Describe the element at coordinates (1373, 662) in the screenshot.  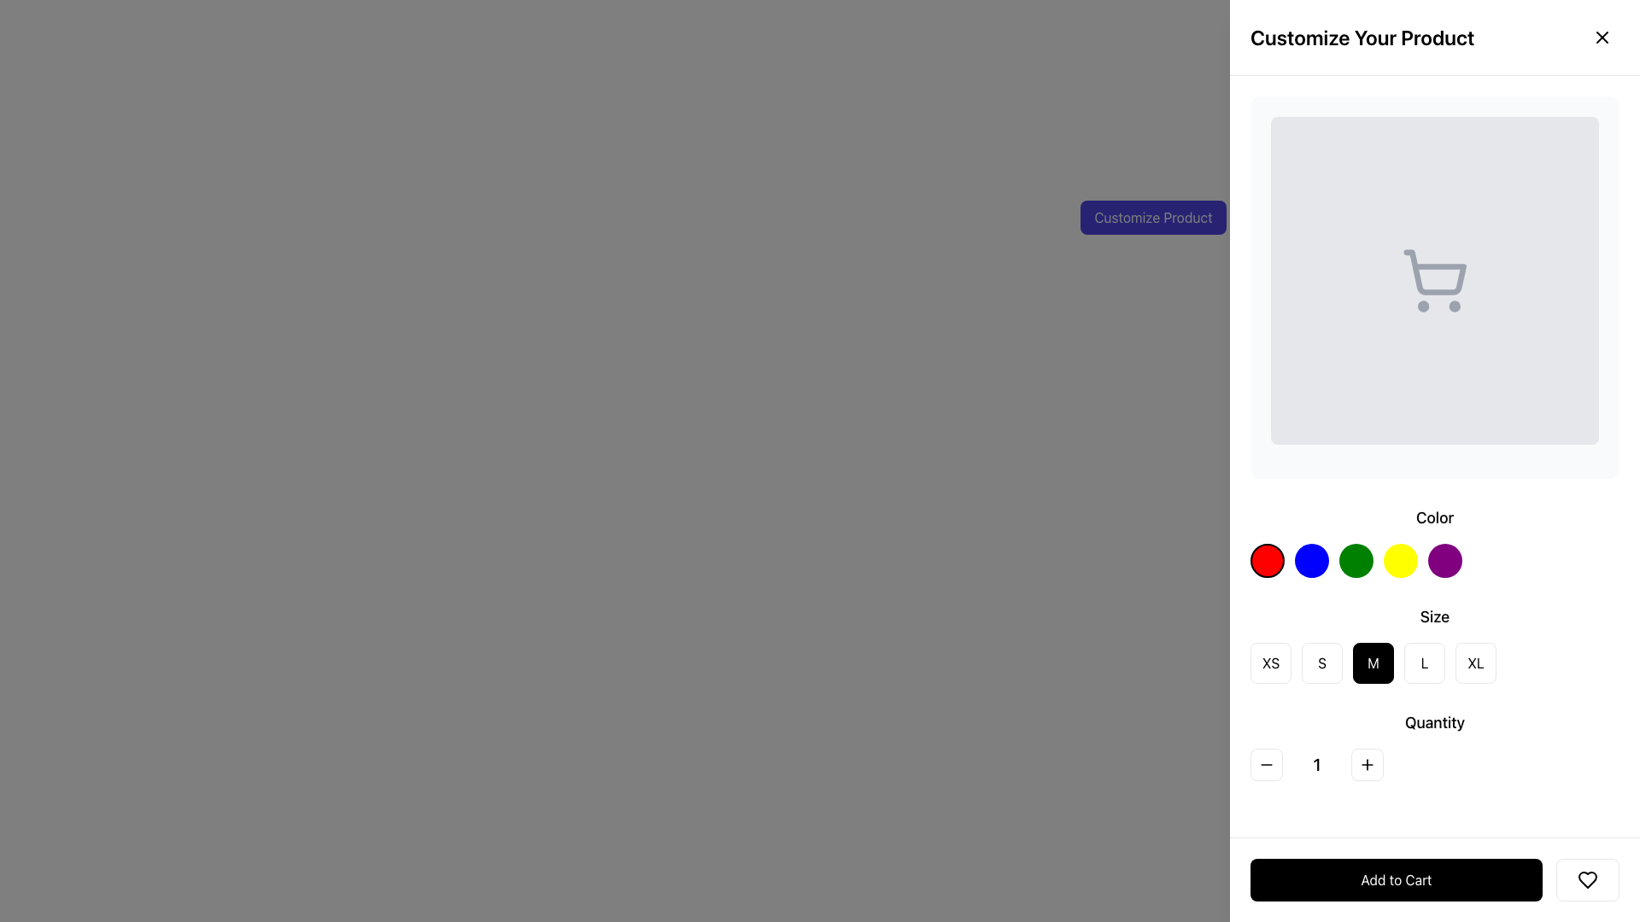
I see `the 'M' size button, which is a square button with rounded corners, black background, and white text, located between the 'S' and 'L' size buttons` at that location.